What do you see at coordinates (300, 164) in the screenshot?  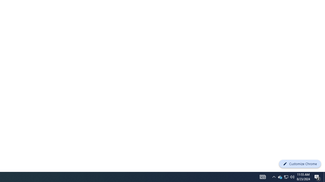 I see `'Customize Chrome'` at bounding box center [300, 164].